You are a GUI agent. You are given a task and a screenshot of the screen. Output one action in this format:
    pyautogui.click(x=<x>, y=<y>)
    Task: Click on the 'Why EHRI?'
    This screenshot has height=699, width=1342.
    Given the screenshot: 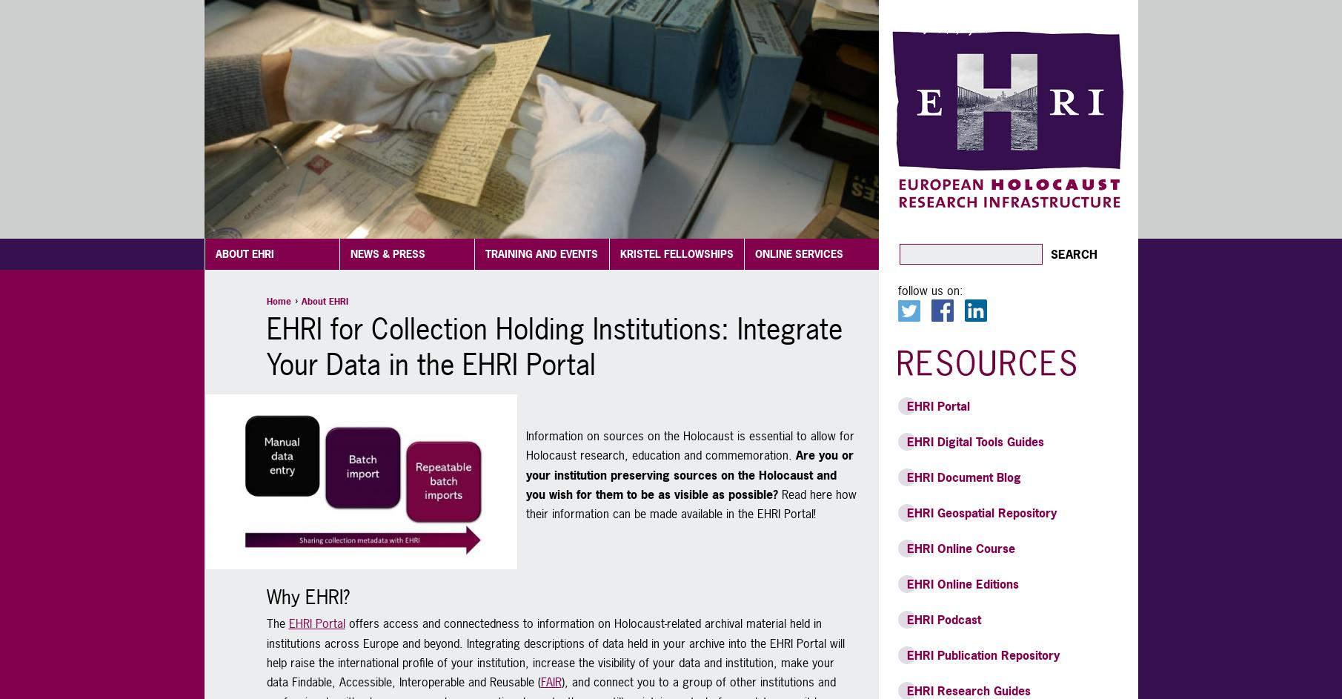 What is the action you would take?
    pyautogui.click(x=308, y=595)
    